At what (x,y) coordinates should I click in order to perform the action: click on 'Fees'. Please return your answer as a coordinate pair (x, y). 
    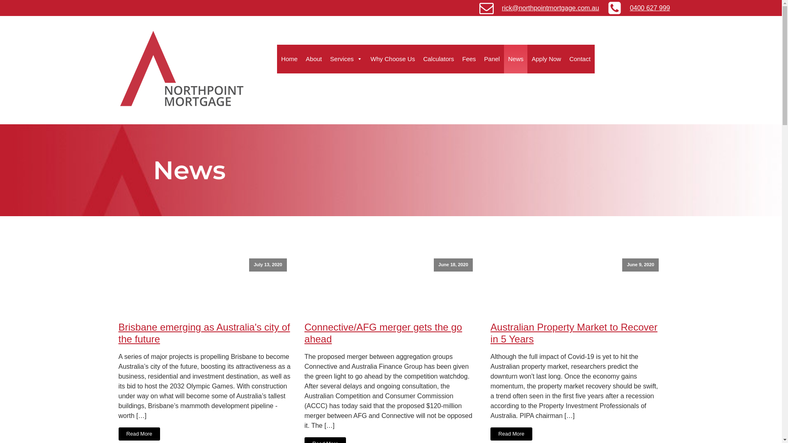
    Looking at the image, I should click on (458, 58).